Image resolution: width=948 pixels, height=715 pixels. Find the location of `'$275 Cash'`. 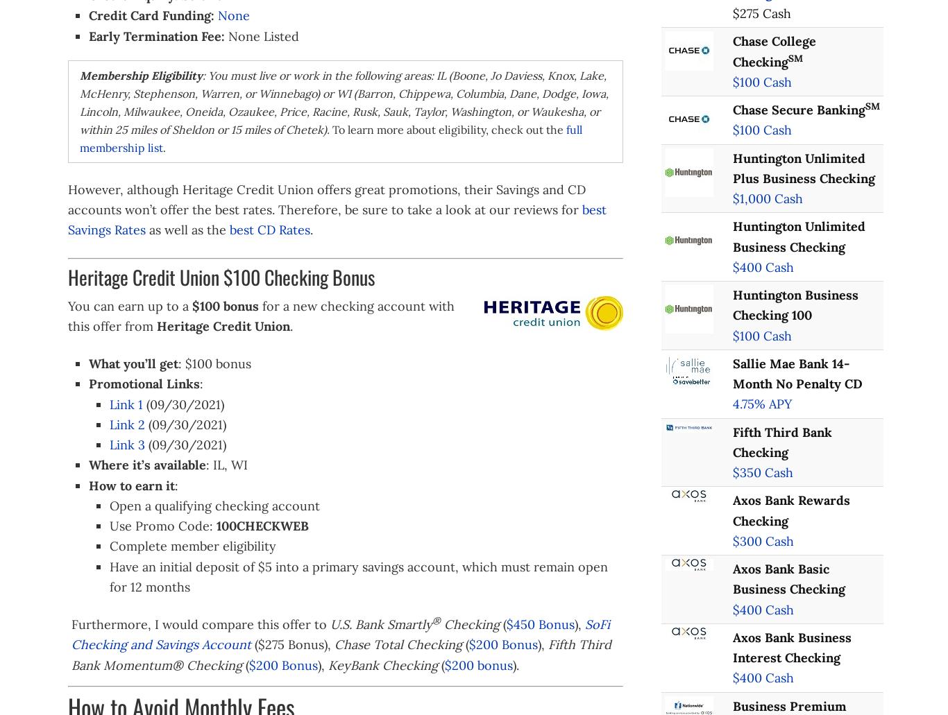

'$275 Cash' is located at coordinates (761, 13).